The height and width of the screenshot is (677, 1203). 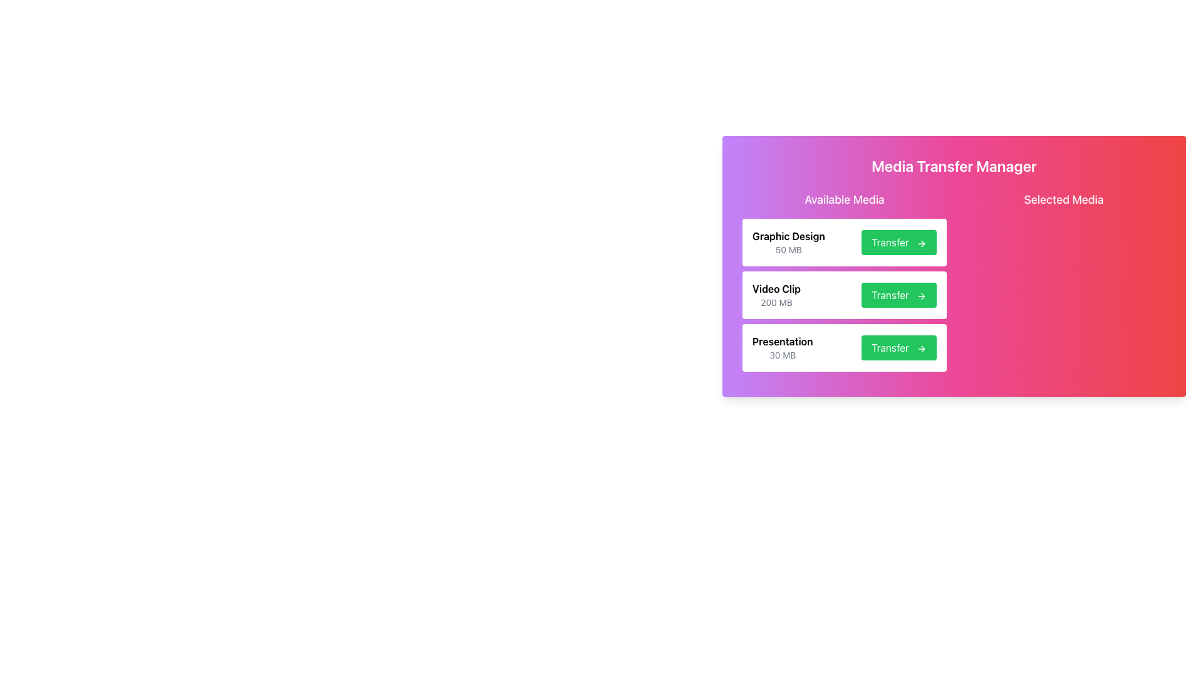 What do you see at coordinates (776, 289) in the screenshot?
I see `text label displaying 'Video Clip' in bold styling, which is located at the top of the middle card in a vertical list of three cards representing media items` at bounding box center [776, 289].